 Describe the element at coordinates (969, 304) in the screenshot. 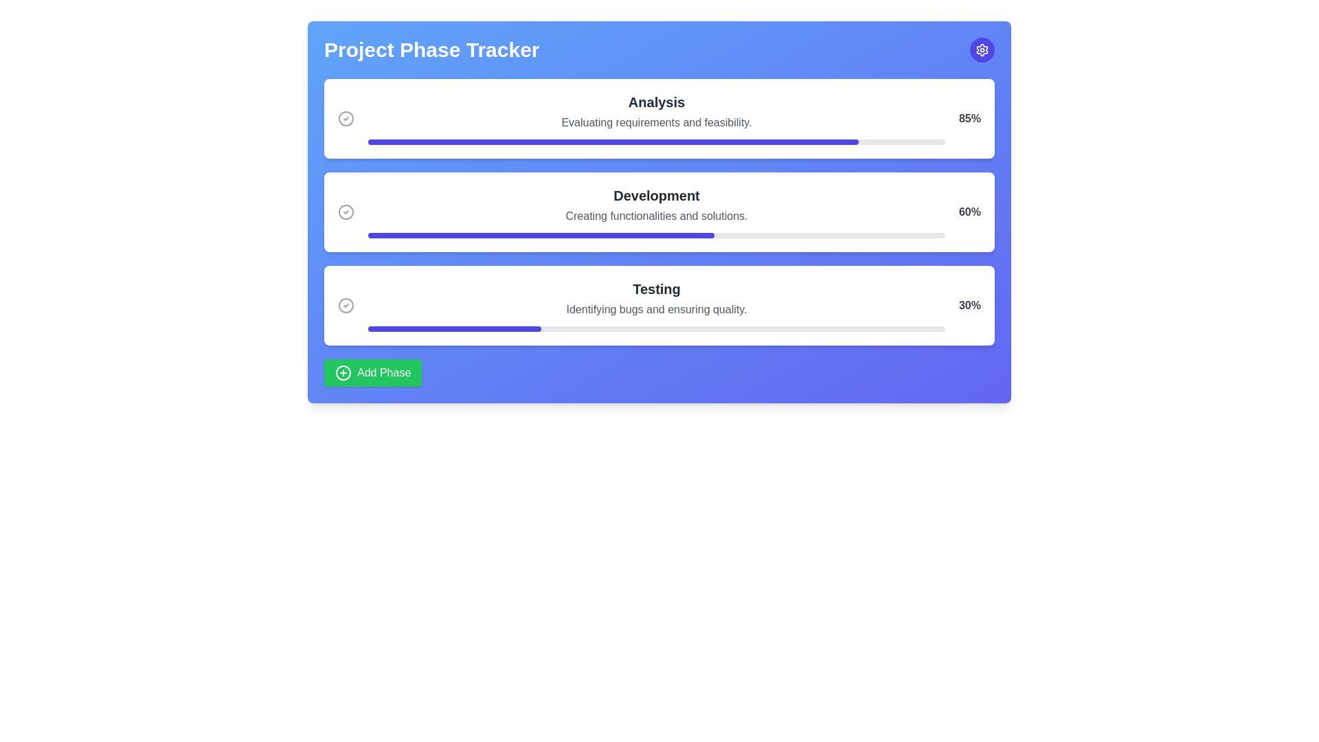

I see `the displayed percentage value '30%' in bold gray text located in the 'Testing' section of the tracker interface` at that location.